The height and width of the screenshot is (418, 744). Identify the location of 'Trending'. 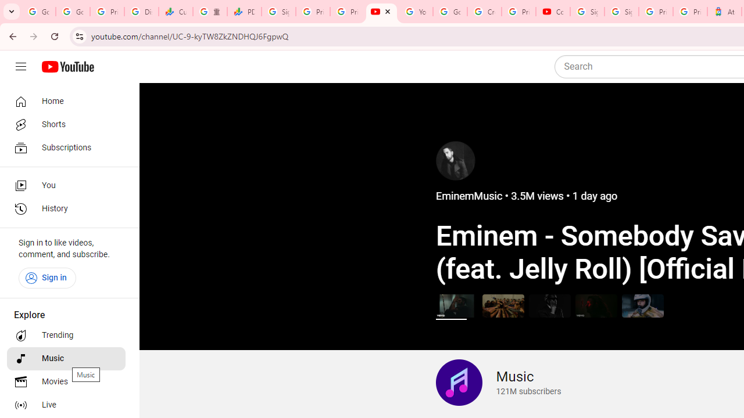
(65, 336).